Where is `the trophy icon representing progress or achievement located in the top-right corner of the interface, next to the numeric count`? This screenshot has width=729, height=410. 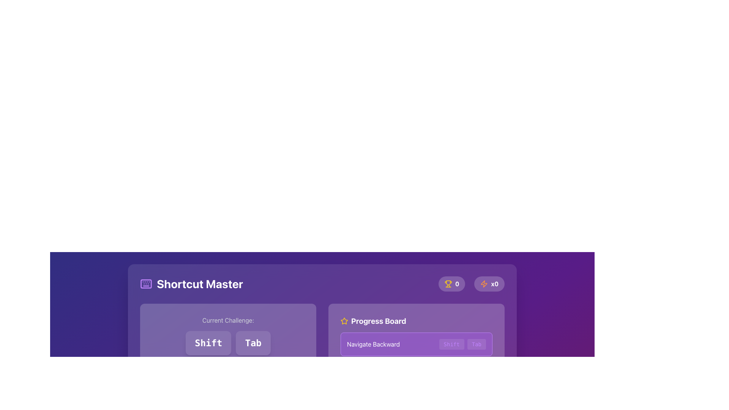 the trophy icon representing progress or achievement located in the top-right corner of the interface, next to the numeric count is located at coordinates (448, 284).